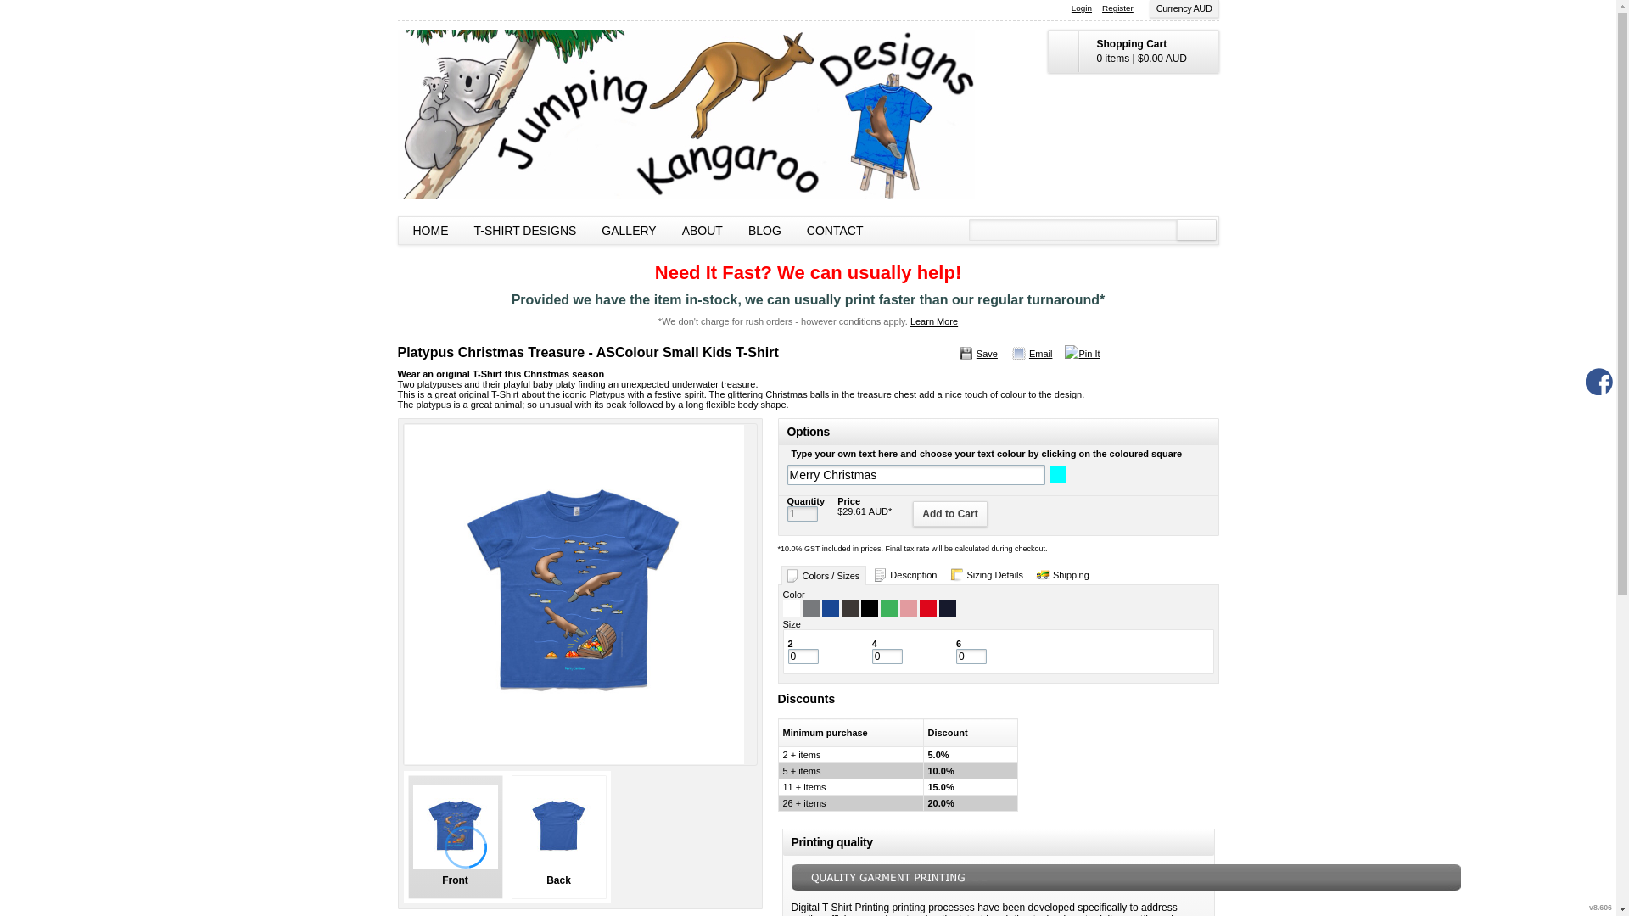 This screenshot has height=916, width=1629. I want to click on 'Colors / Sizes', so click(823, 574).